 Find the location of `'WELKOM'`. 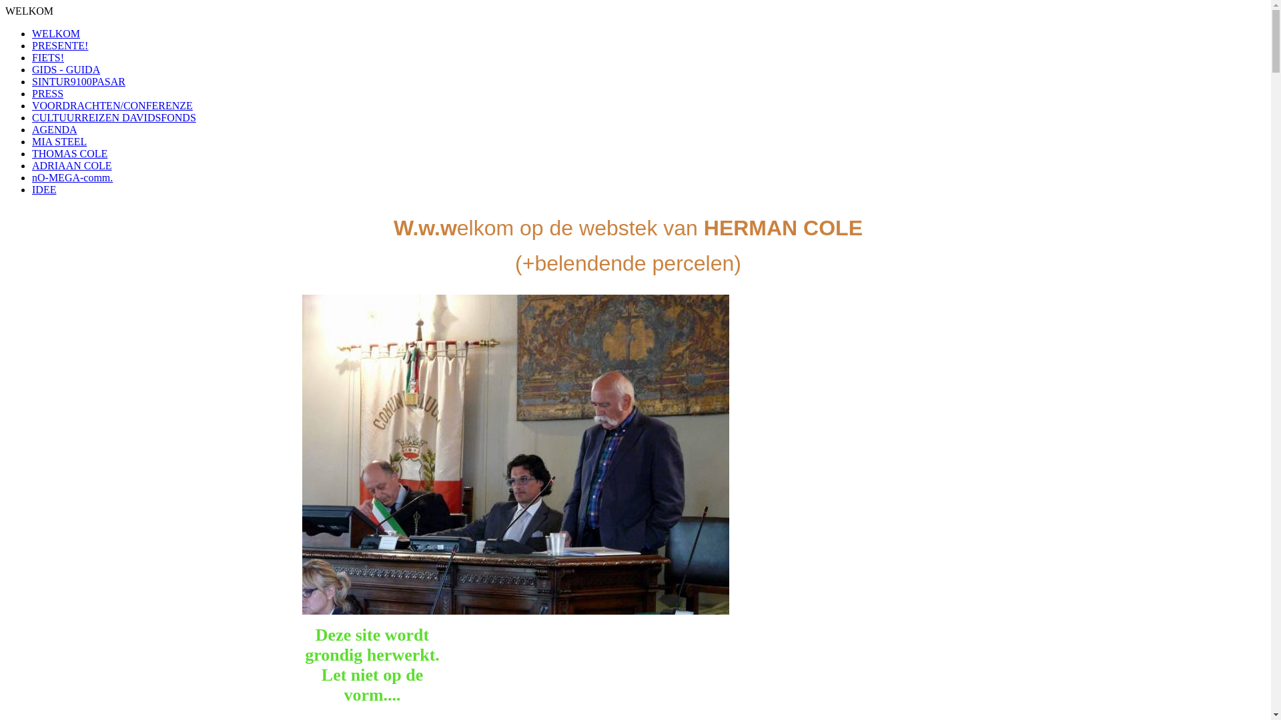

'WELKOM' is located at coordinates (55, 33).